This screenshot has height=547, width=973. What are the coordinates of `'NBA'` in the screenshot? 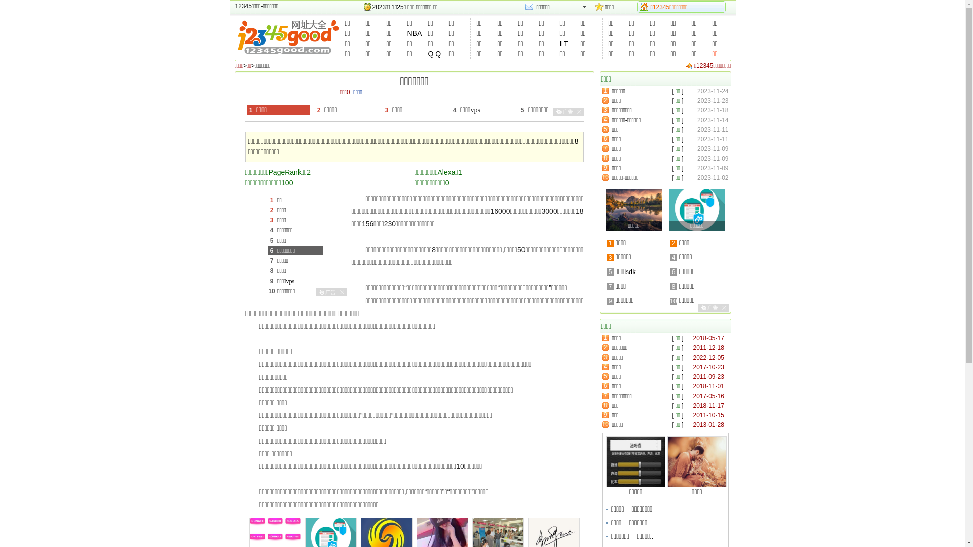 It's located at (414, 32).